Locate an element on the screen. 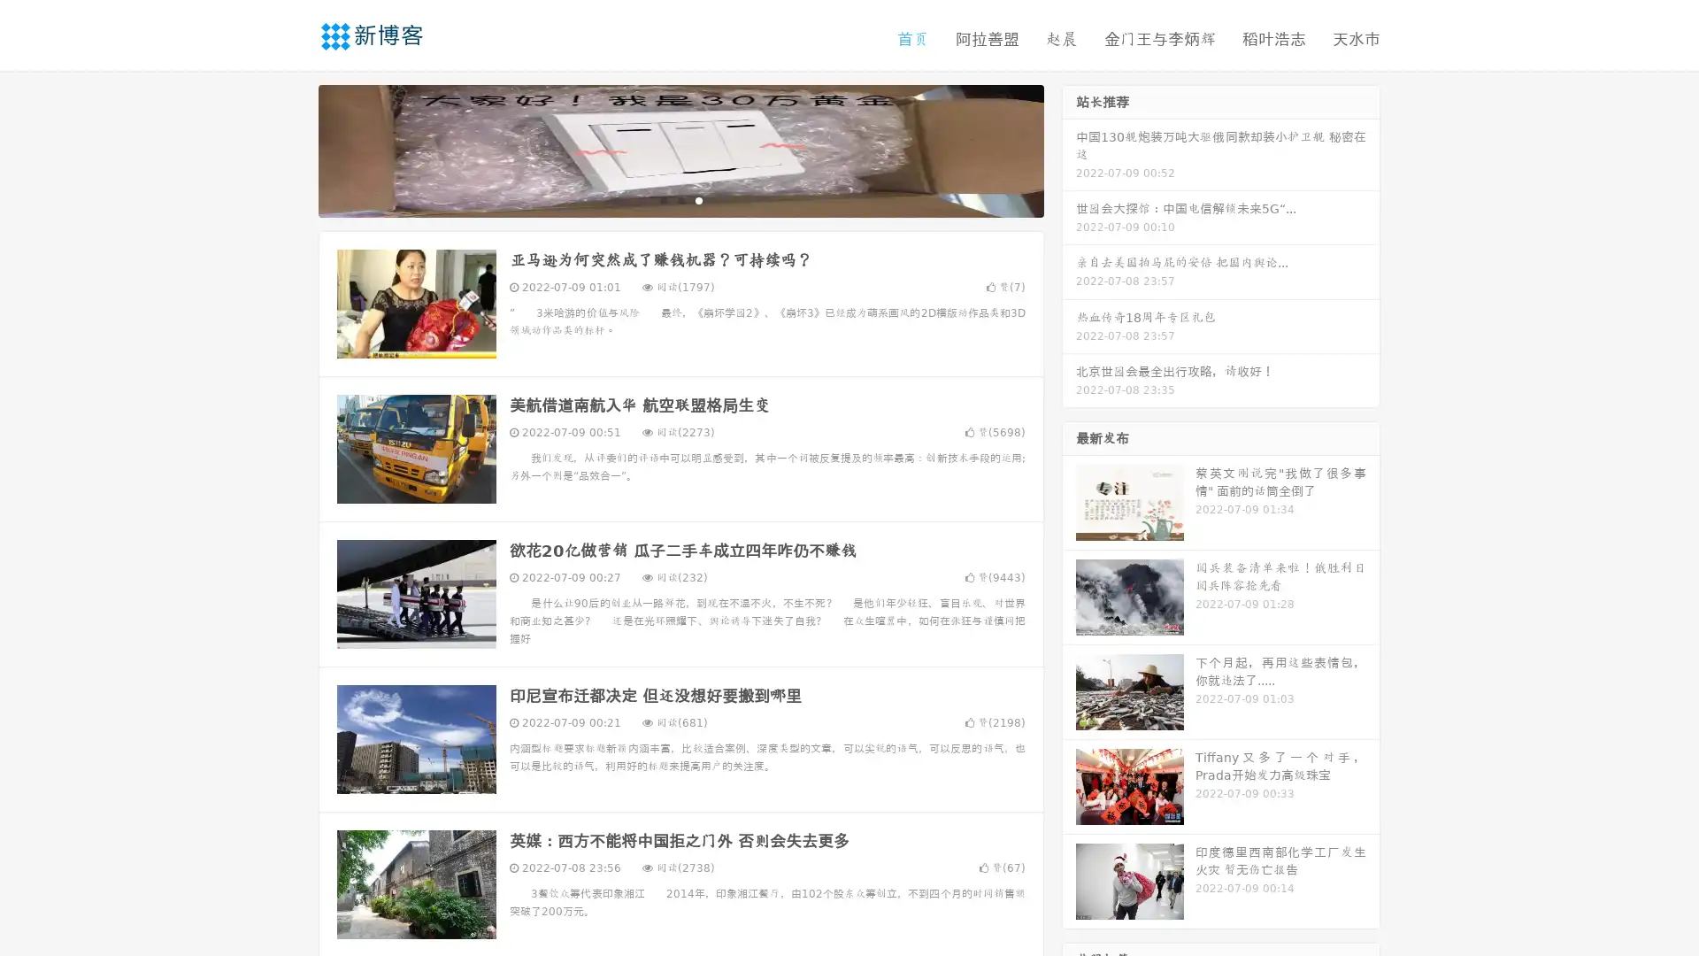 The width and height of the screenshot is (1699, 956). Go to slide 1 is located at coordinates (662, 199).